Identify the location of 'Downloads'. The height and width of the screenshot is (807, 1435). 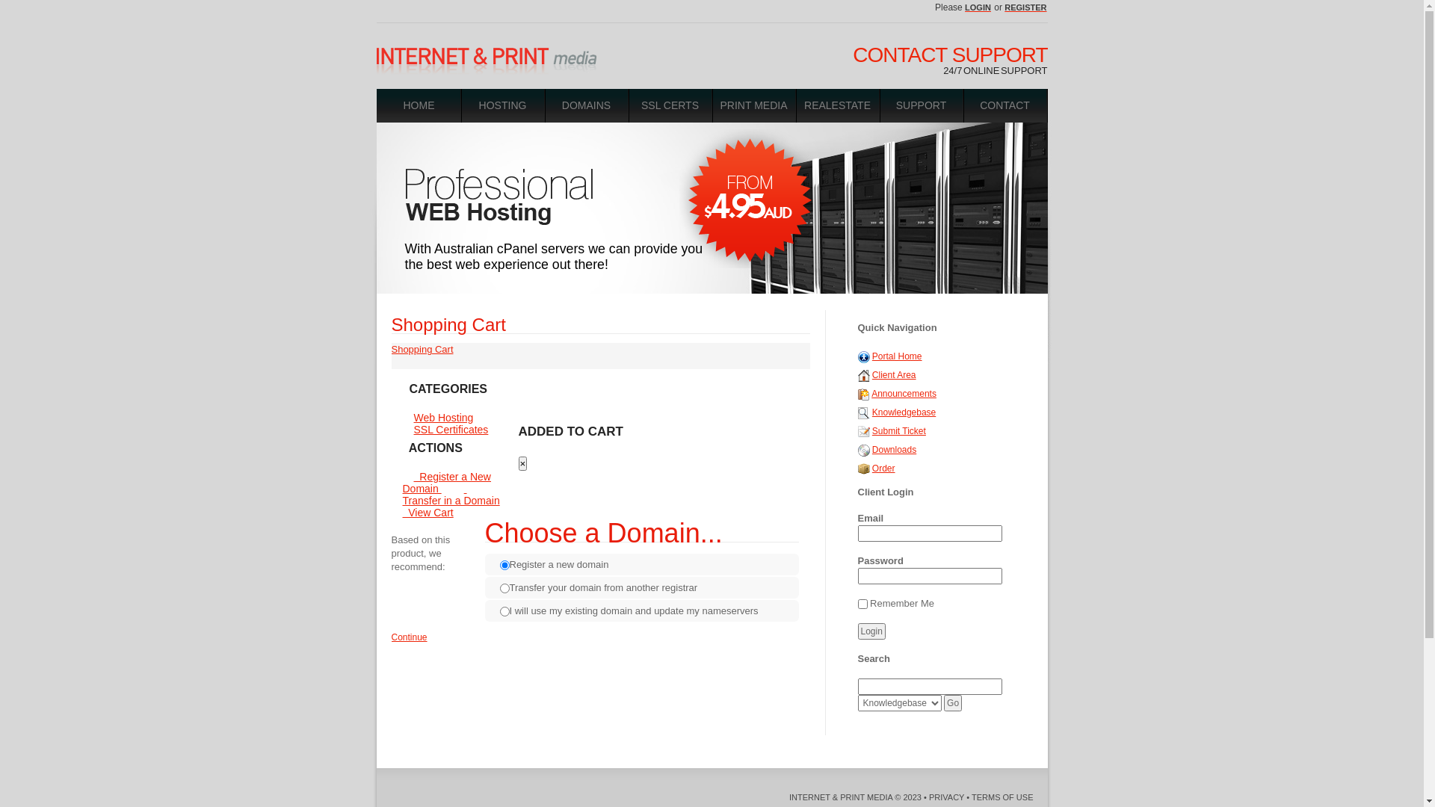
(864, 448).